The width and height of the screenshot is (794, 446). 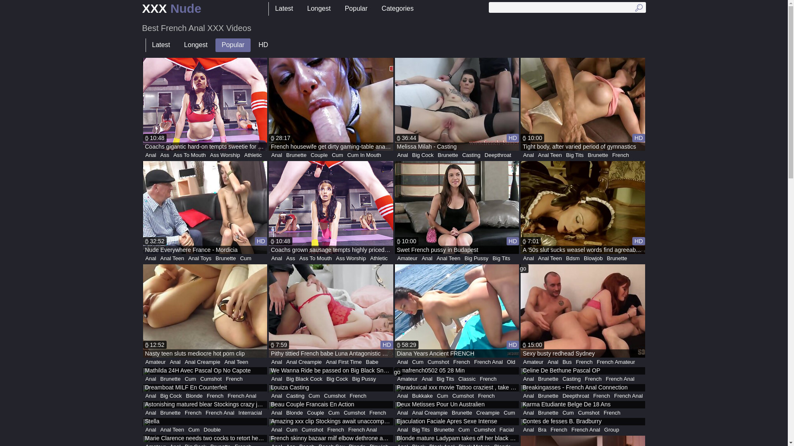 What do you see at coordinates (195, 45) in the screenshot?
I see `'Longest'` at bounding box center [195, 45].